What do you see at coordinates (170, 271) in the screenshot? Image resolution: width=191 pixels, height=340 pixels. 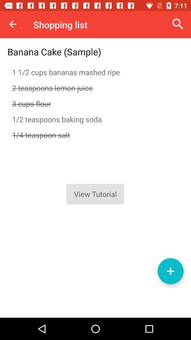 I see `new item` at bounding box center [170, 271].